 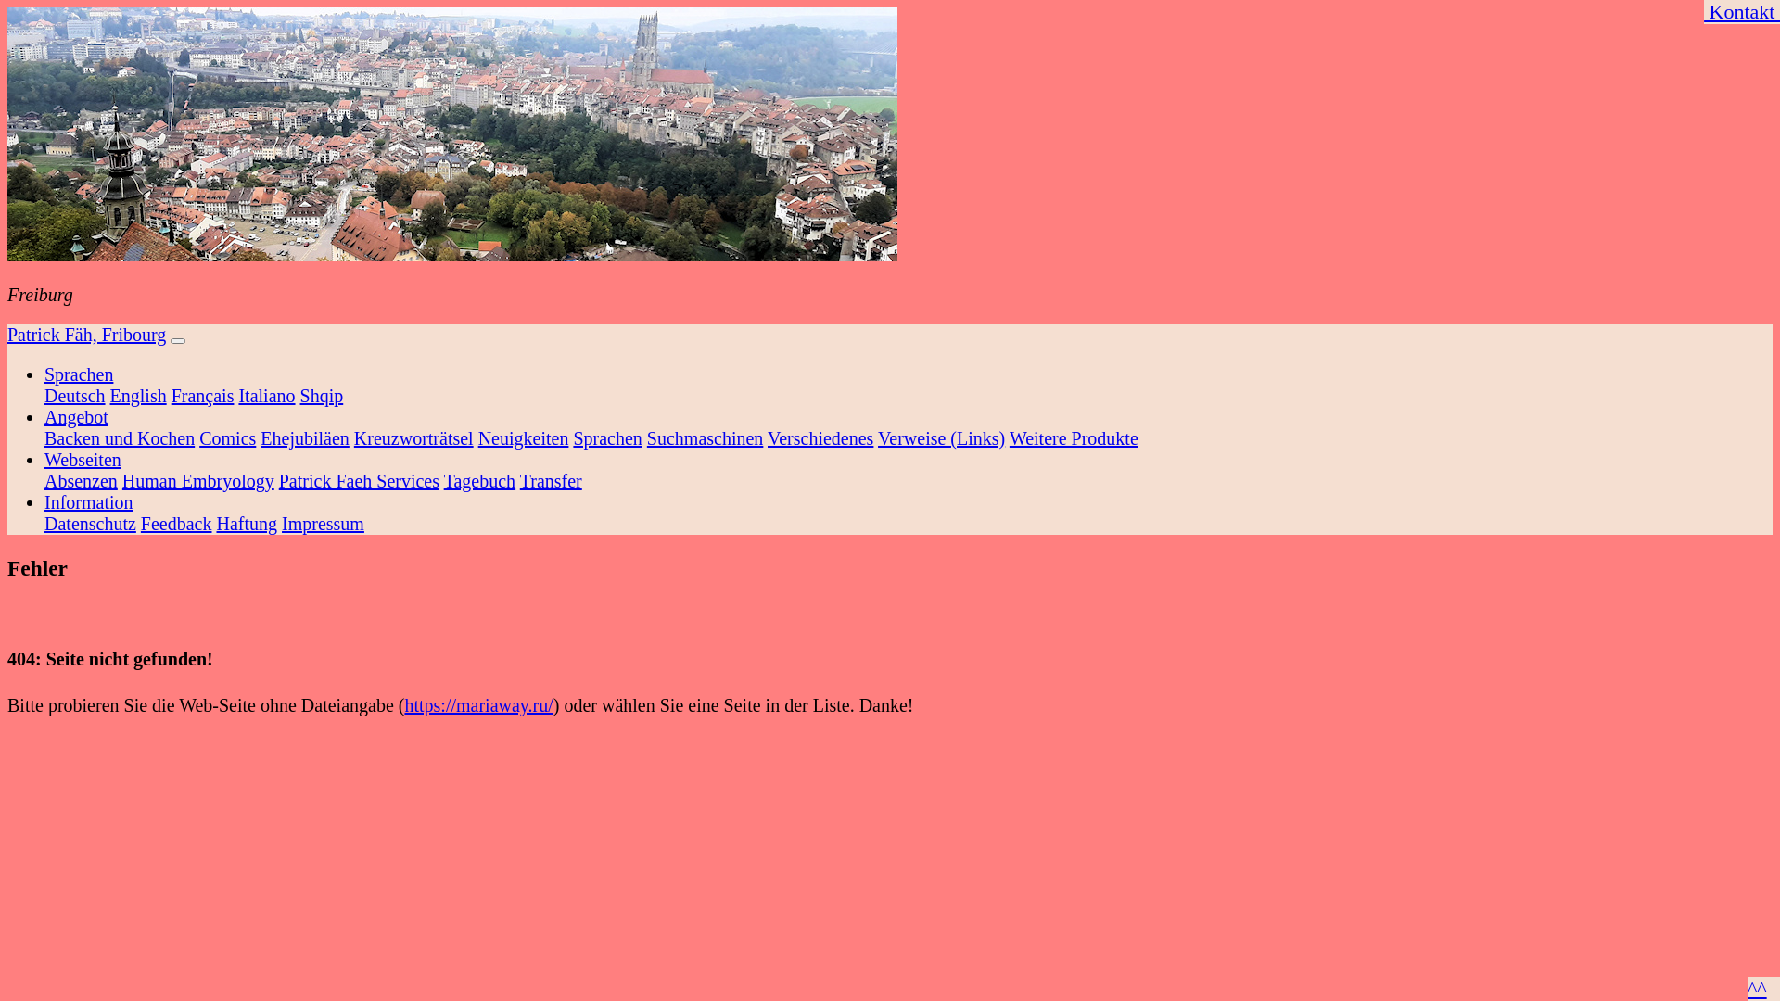 What do you see at coordinates (82, 459) in the screenshot?
I see `'Webseiten'` at bounding box center [82, 459].